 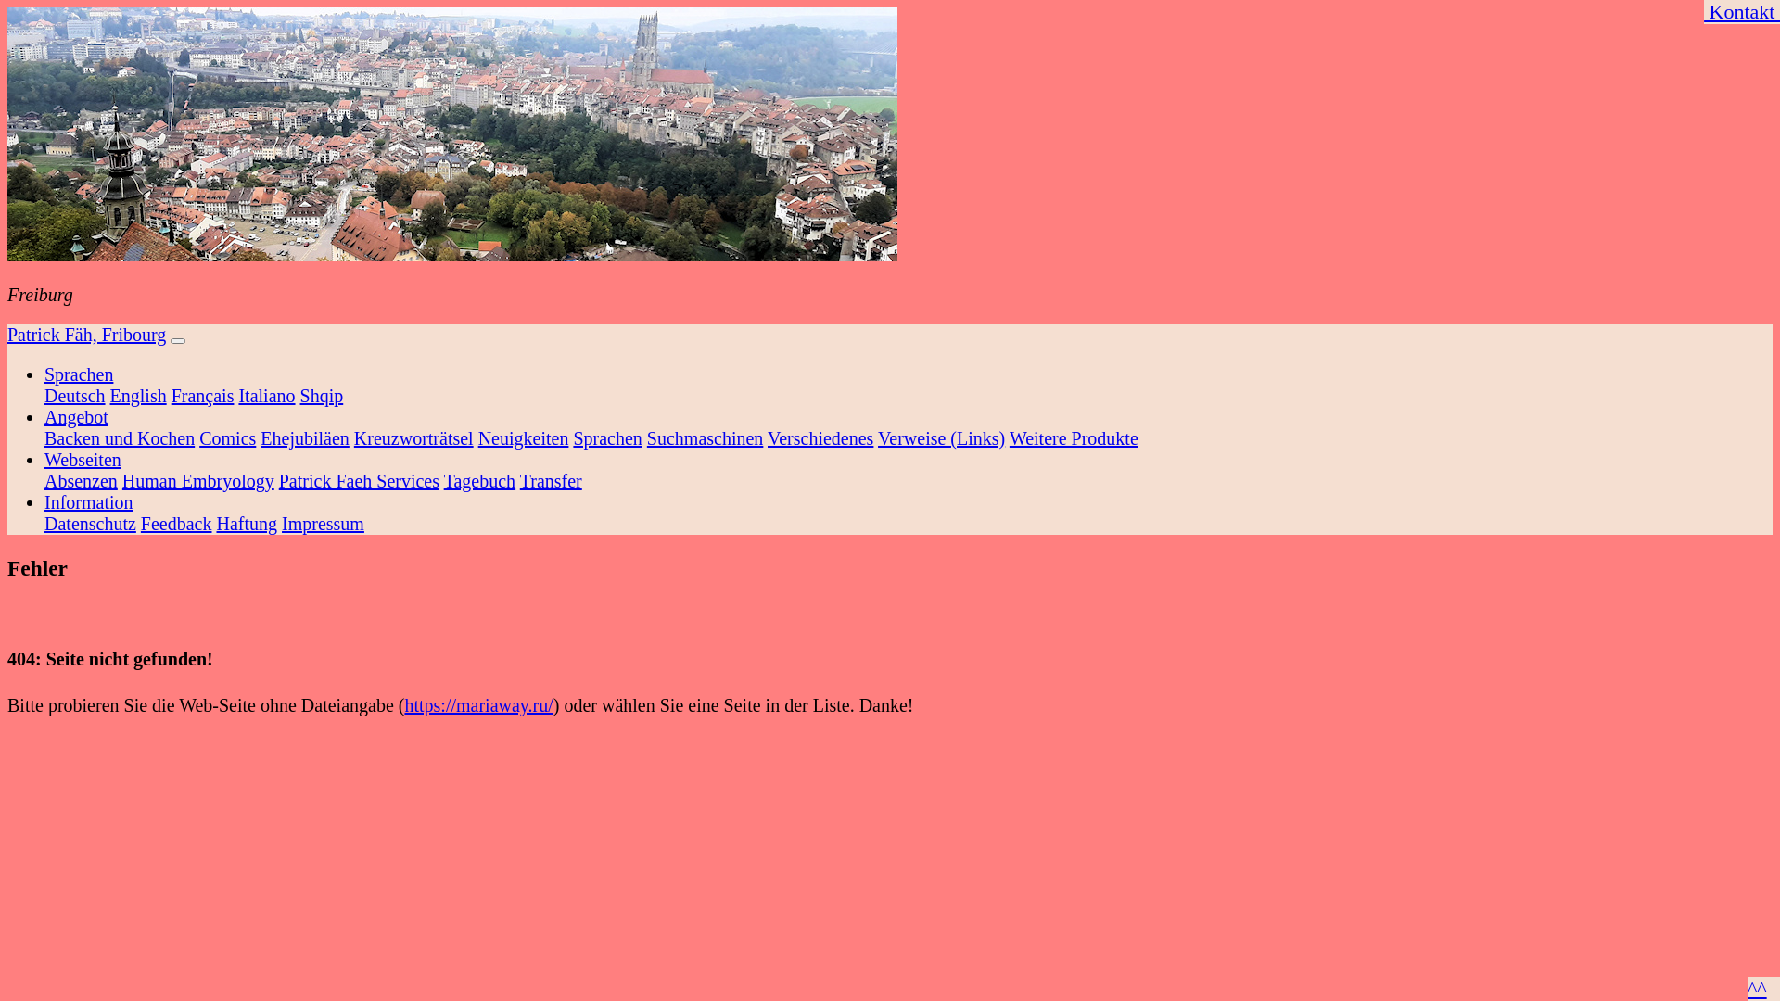 What do you see at coordinates (82, 459) in the screenshot?
I see `'Webseiten'` at bounding box center [82, 459].